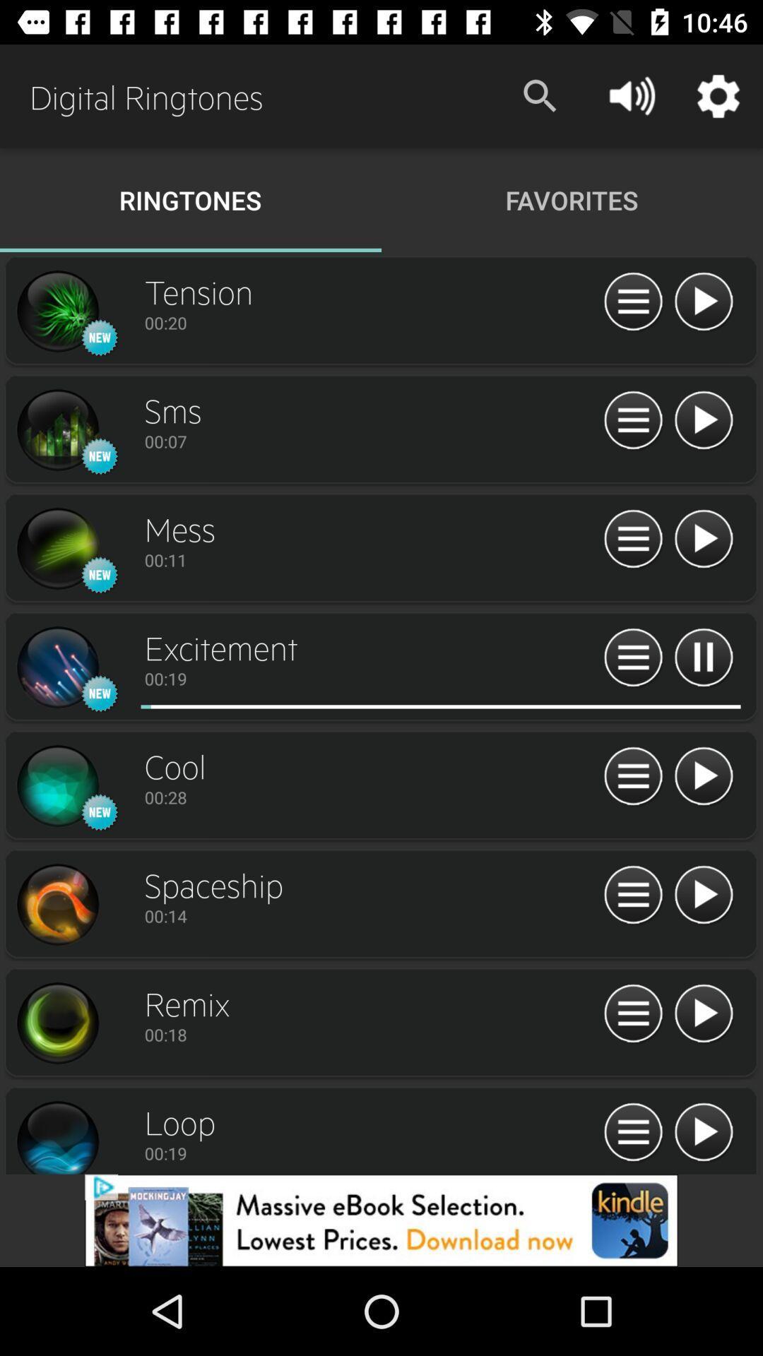 The height and width of the screenshot is (1356, 763). What do you see at coordinates (57, 1023) in the screenshot?
I see `remix page` at bounding box center [57, 1023].